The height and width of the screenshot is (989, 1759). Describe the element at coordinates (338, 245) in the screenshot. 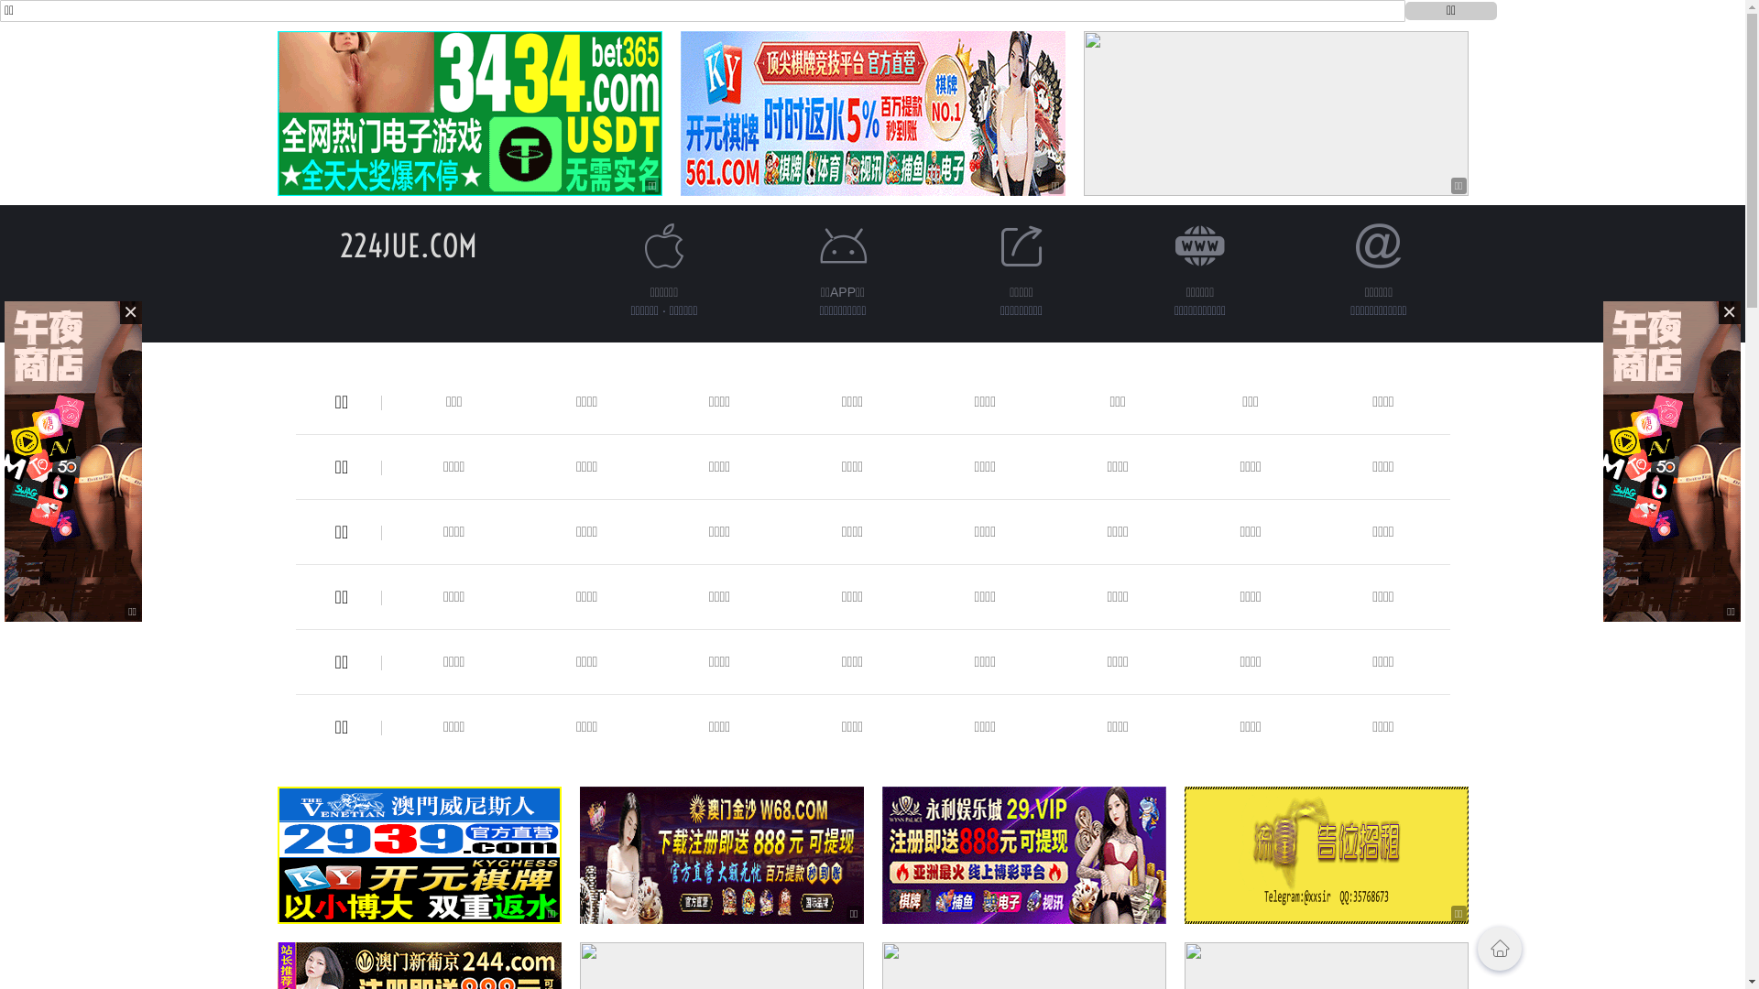

I see `'224JUE.COM'` at that location.